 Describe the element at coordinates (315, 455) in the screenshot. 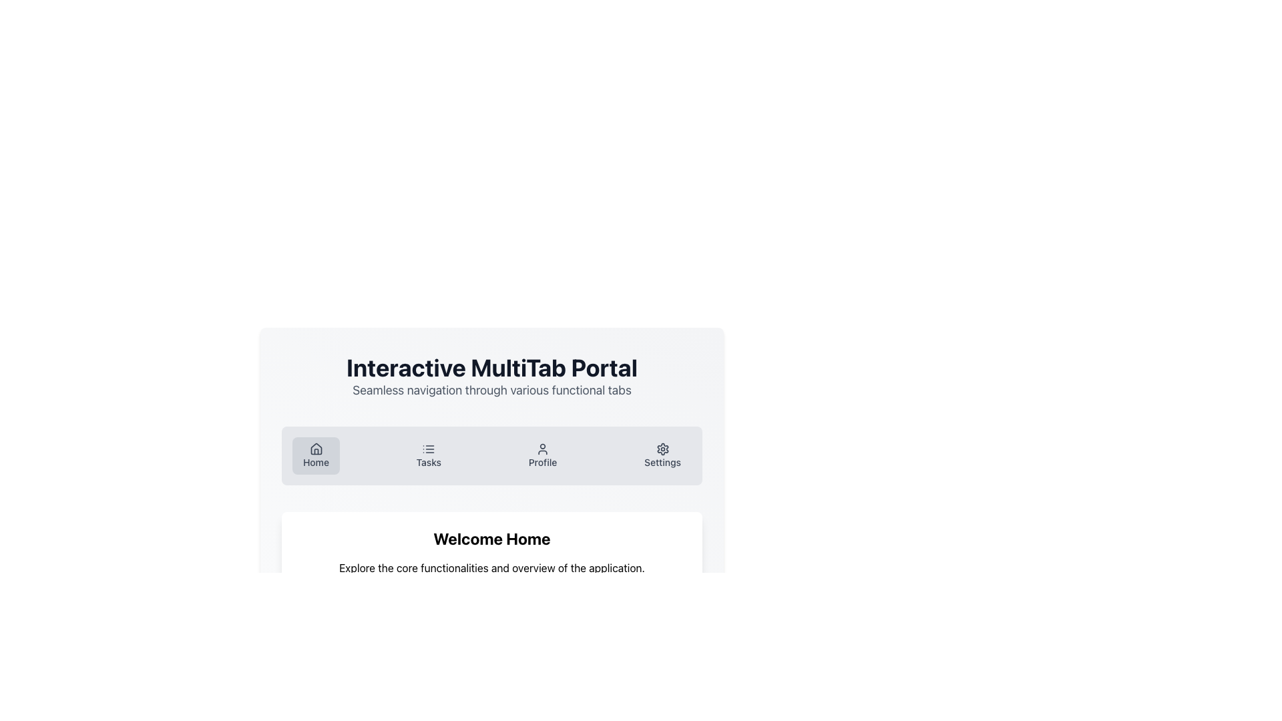

I see `the home navigation button located at the top-left corner of the navigation bar` at that location.